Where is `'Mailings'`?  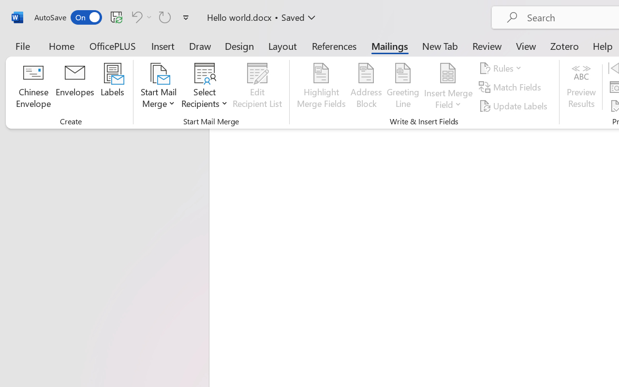
'Mailings' is located at coordinates (390, 45).